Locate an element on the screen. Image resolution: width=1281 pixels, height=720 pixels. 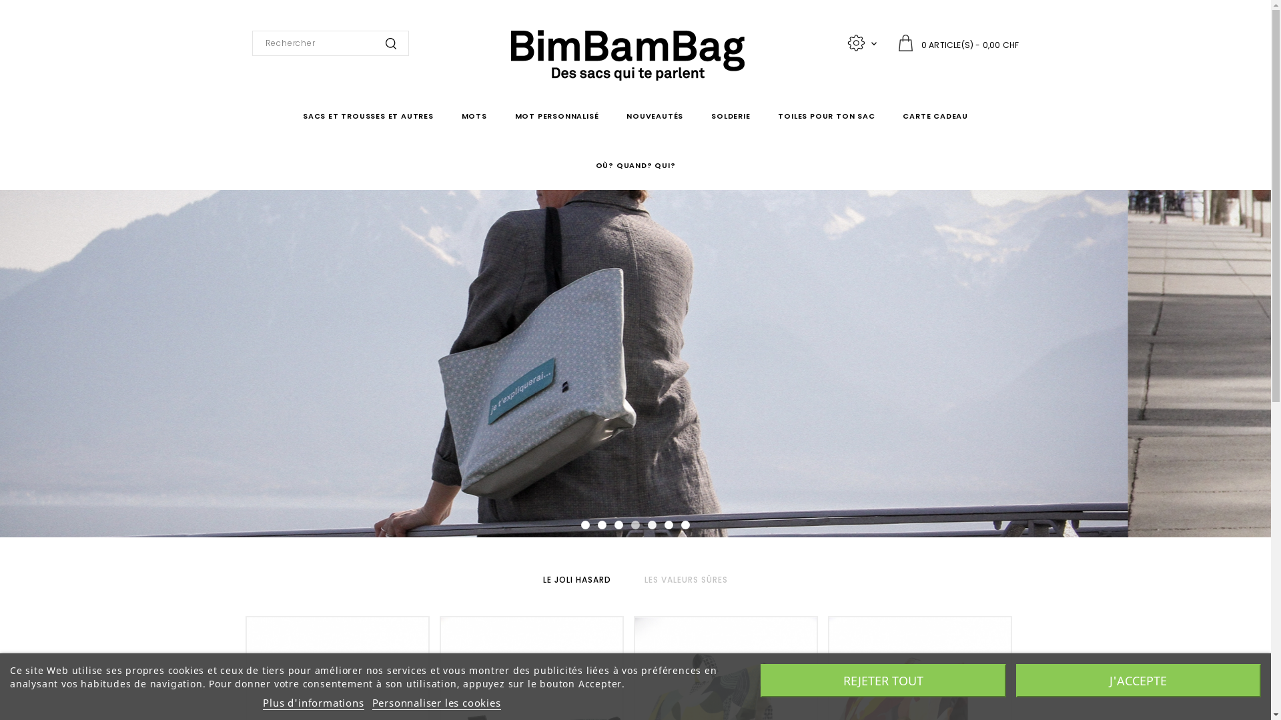
'4' is located at coordinates (630, 524).